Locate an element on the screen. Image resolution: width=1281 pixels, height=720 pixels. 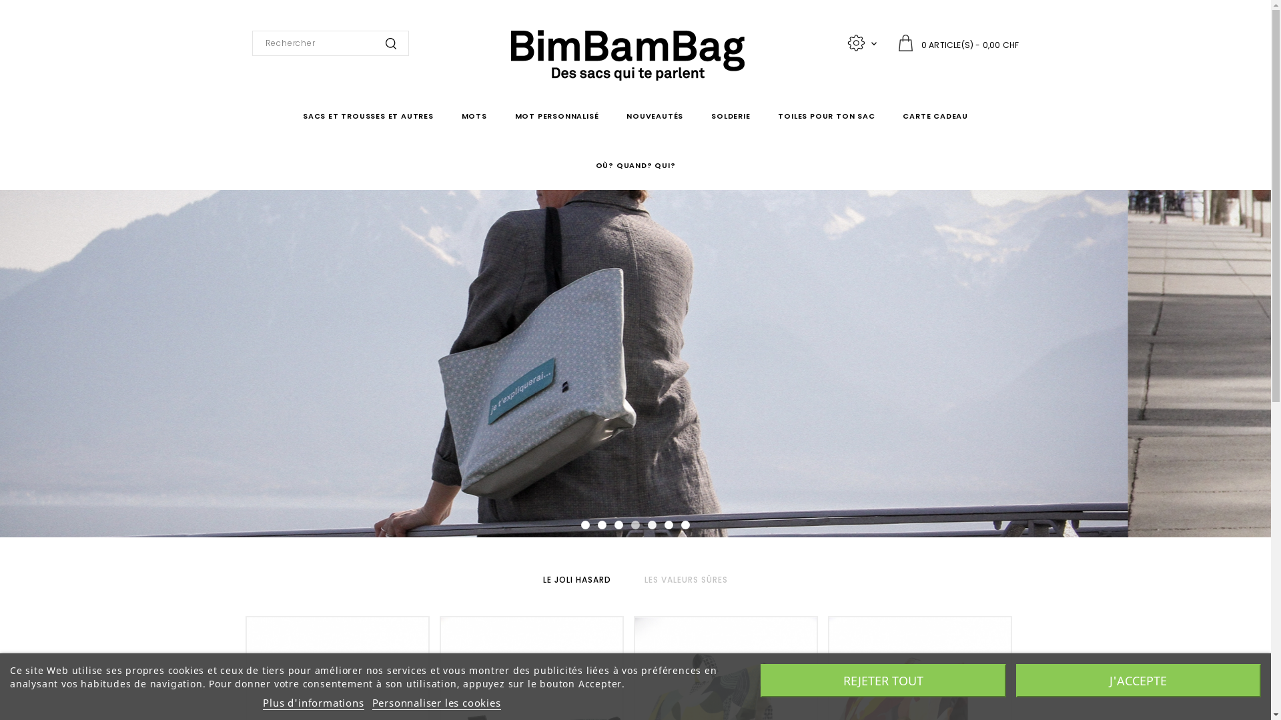
'4' is located at coordinates (630, 524).